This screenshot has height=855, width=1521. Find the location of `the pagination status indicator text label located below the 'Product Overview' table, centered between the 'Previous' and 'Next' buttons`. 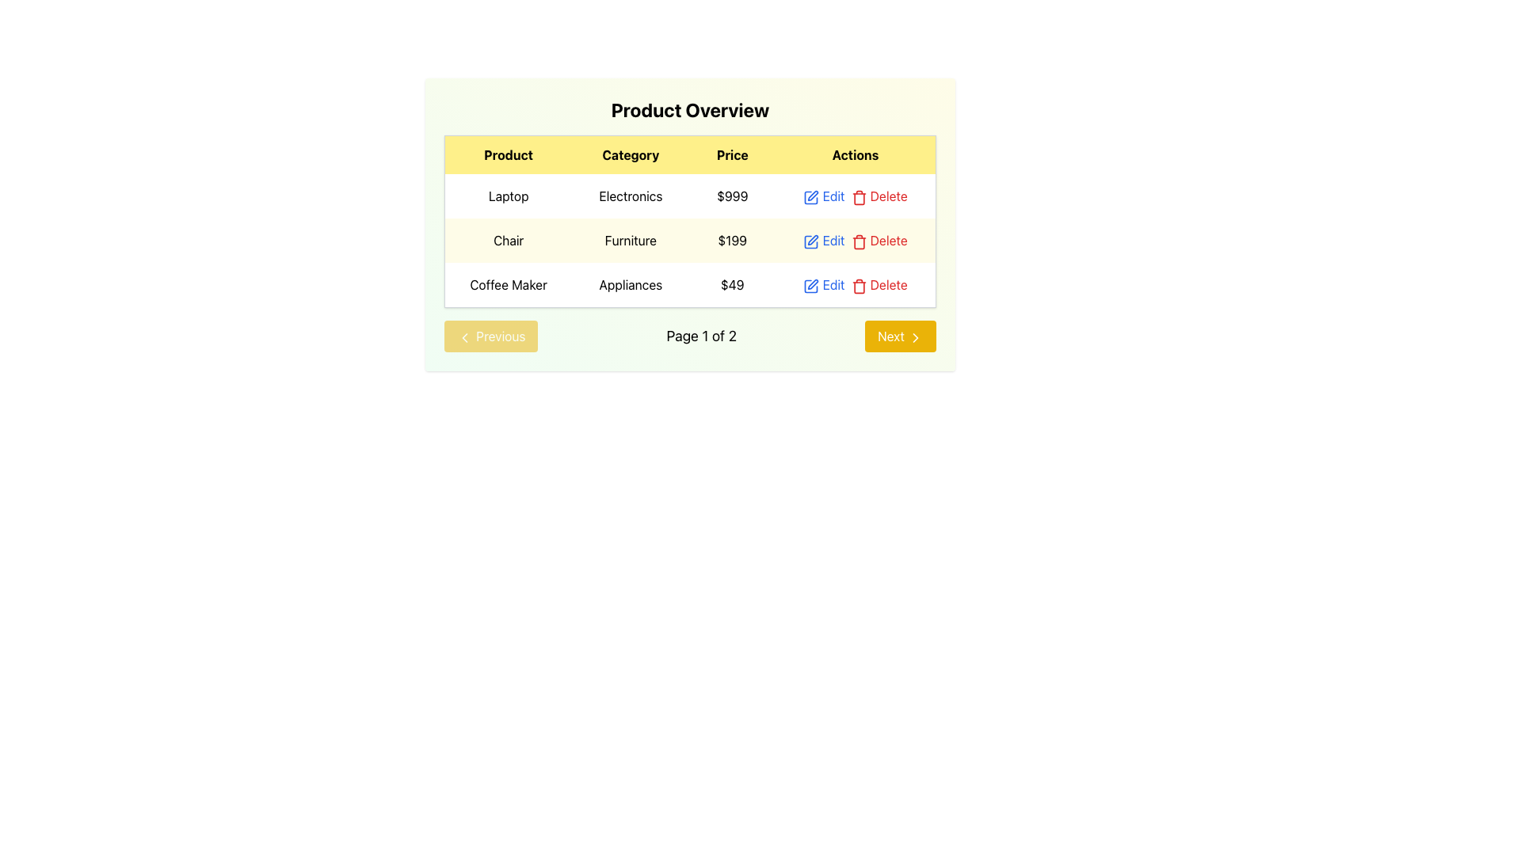

the pagination status indicator text label located below the 'Product Overview' table, centered between the 'Previous' and 'Next' buttons is located at coordinates (700, 335).